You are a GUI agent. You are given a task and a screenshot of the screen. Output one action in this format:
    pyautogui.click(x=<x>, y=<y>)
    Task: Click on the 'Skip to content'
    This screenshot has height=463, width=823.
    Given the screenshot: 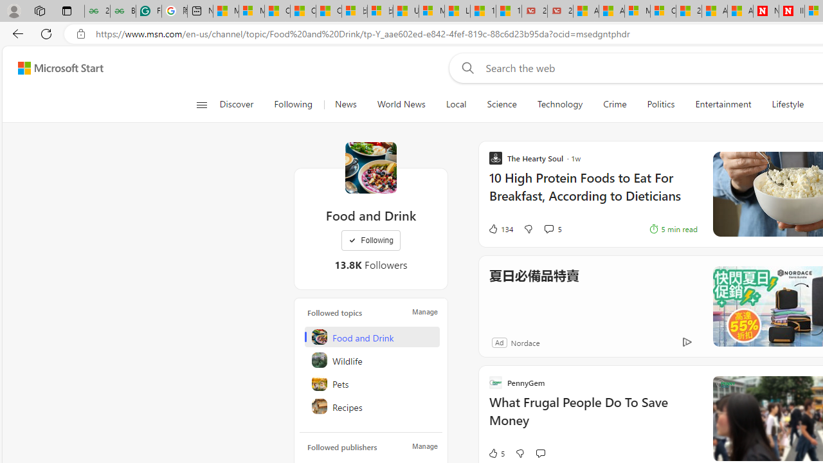 What is the action you would take?
    pyautogui.click(x=55, y=68)
    